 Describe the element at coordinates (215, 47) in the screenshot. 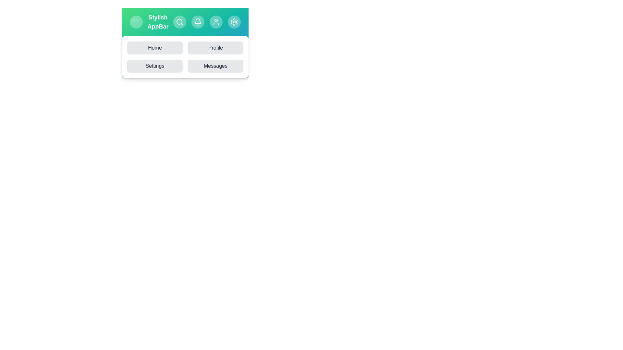

I see `the Profile button to navigate` at that location.